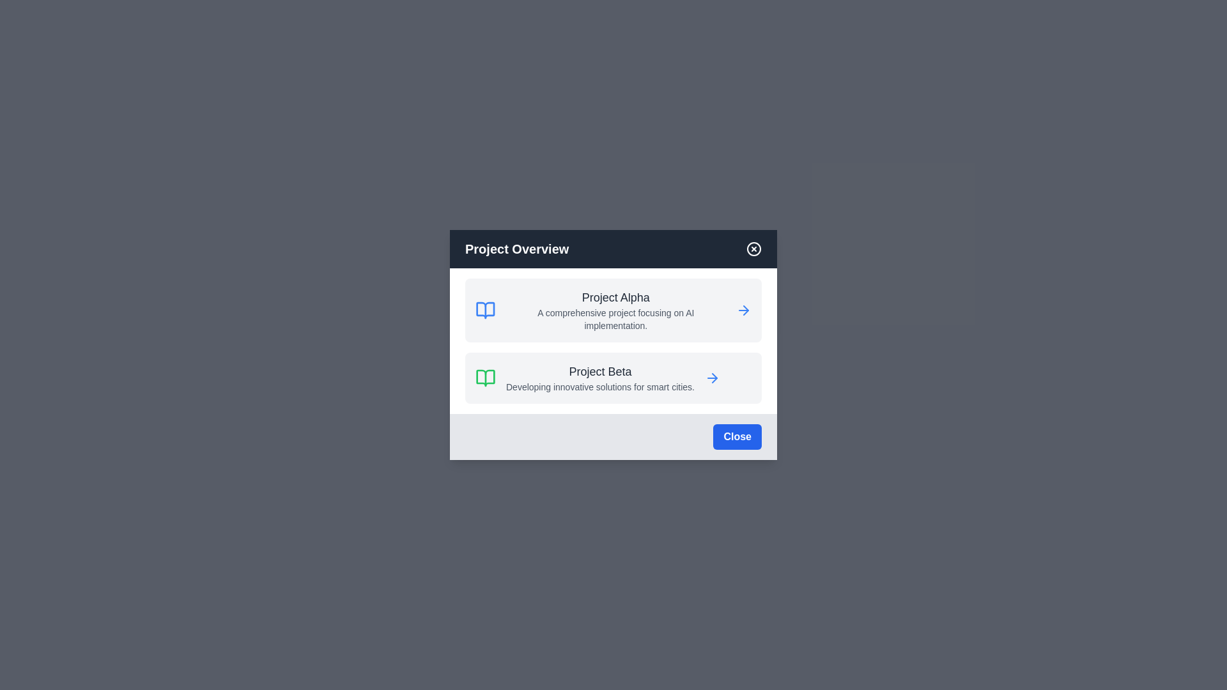 The image size is (1227, 690). I want to click on the project icon for Project Alpha, so click(484, 310).